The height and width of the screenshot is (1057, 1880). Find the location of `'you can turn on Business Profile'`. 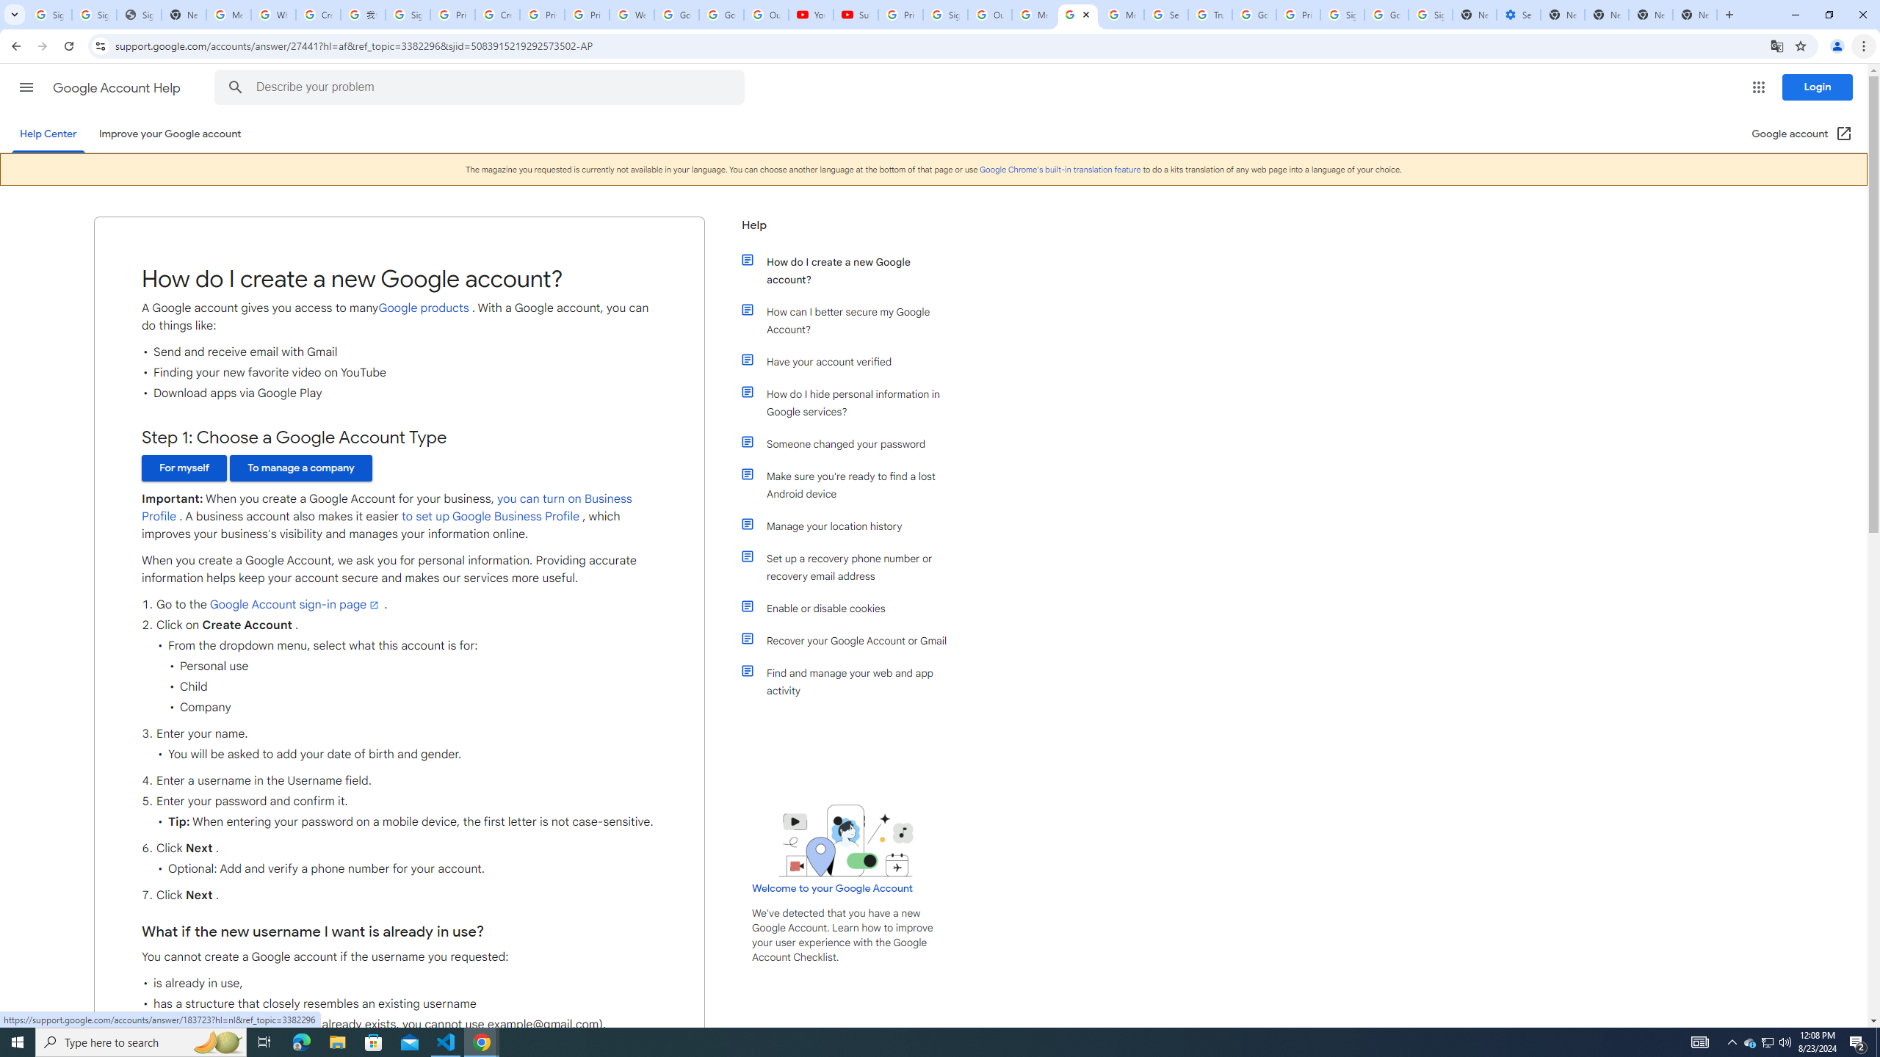

'you can turn on Business Profile' is located at coordinates (386, 506).